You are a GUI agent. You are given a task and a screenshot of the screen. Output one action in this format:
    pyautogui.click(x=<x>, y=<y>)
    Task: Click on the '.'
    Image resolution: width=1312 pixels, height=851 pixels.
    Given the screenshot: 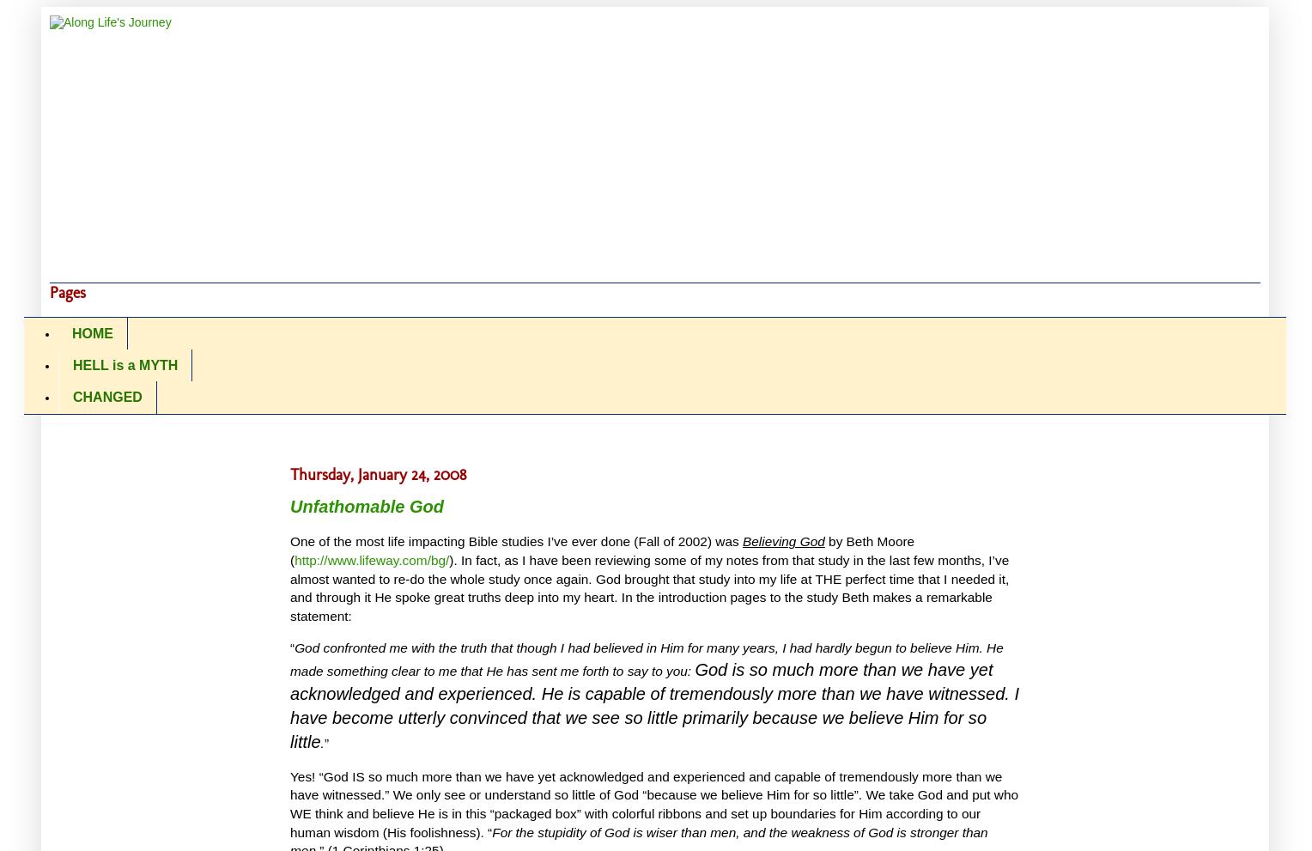 What is the action you would take?
    pyautogui.click(x=319, y=742)
    